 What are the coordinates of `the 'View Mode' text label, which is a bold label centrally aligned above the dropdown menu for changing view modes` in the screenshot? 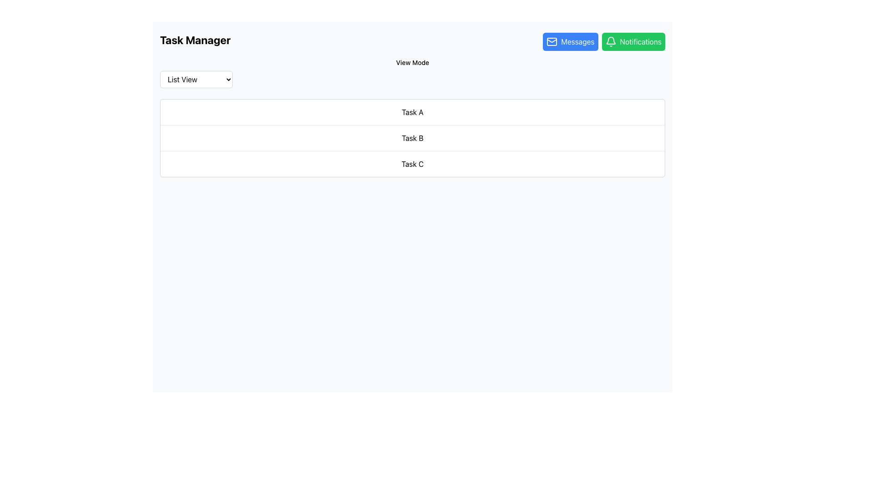 It's located at (412, 62).